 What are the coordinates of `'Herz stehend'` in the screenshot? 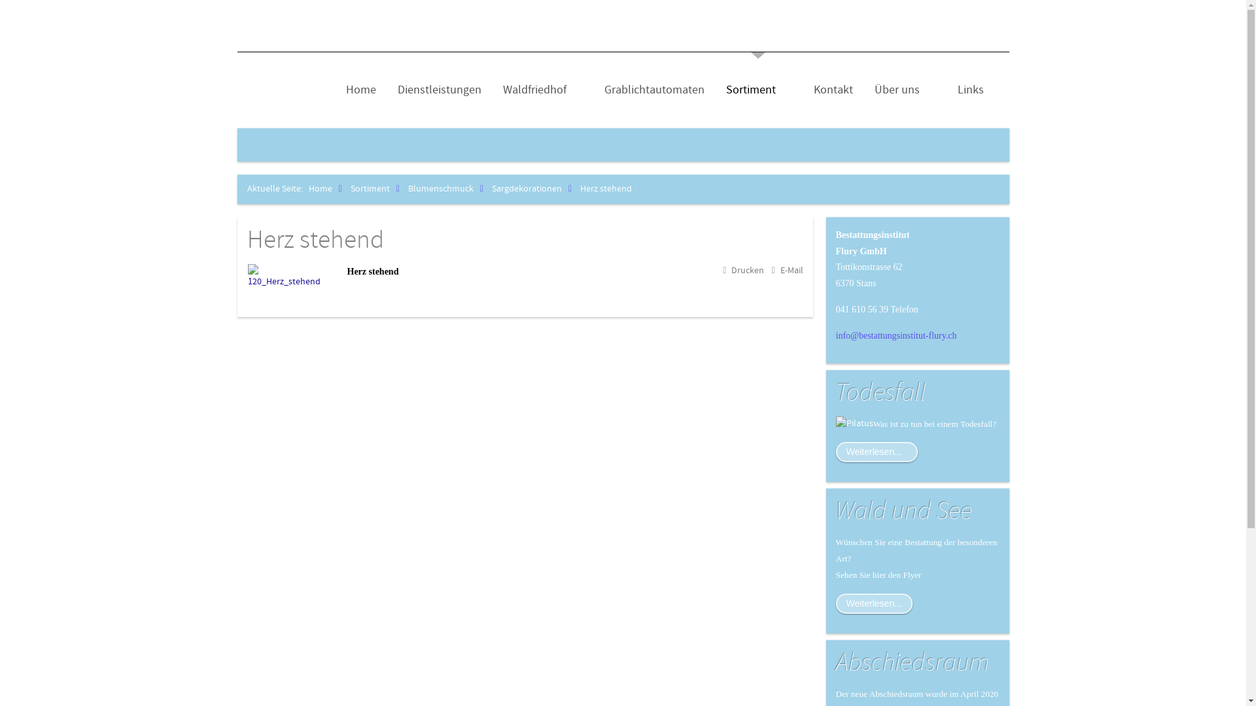 It's located at (247, 240).